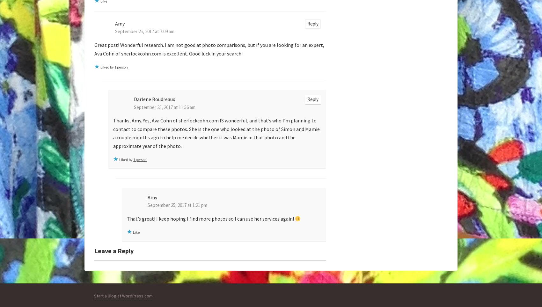  What do you see at coordinates (136, 232) in the screenshot?
I see `'Like'` at bounding box center [136, 232].